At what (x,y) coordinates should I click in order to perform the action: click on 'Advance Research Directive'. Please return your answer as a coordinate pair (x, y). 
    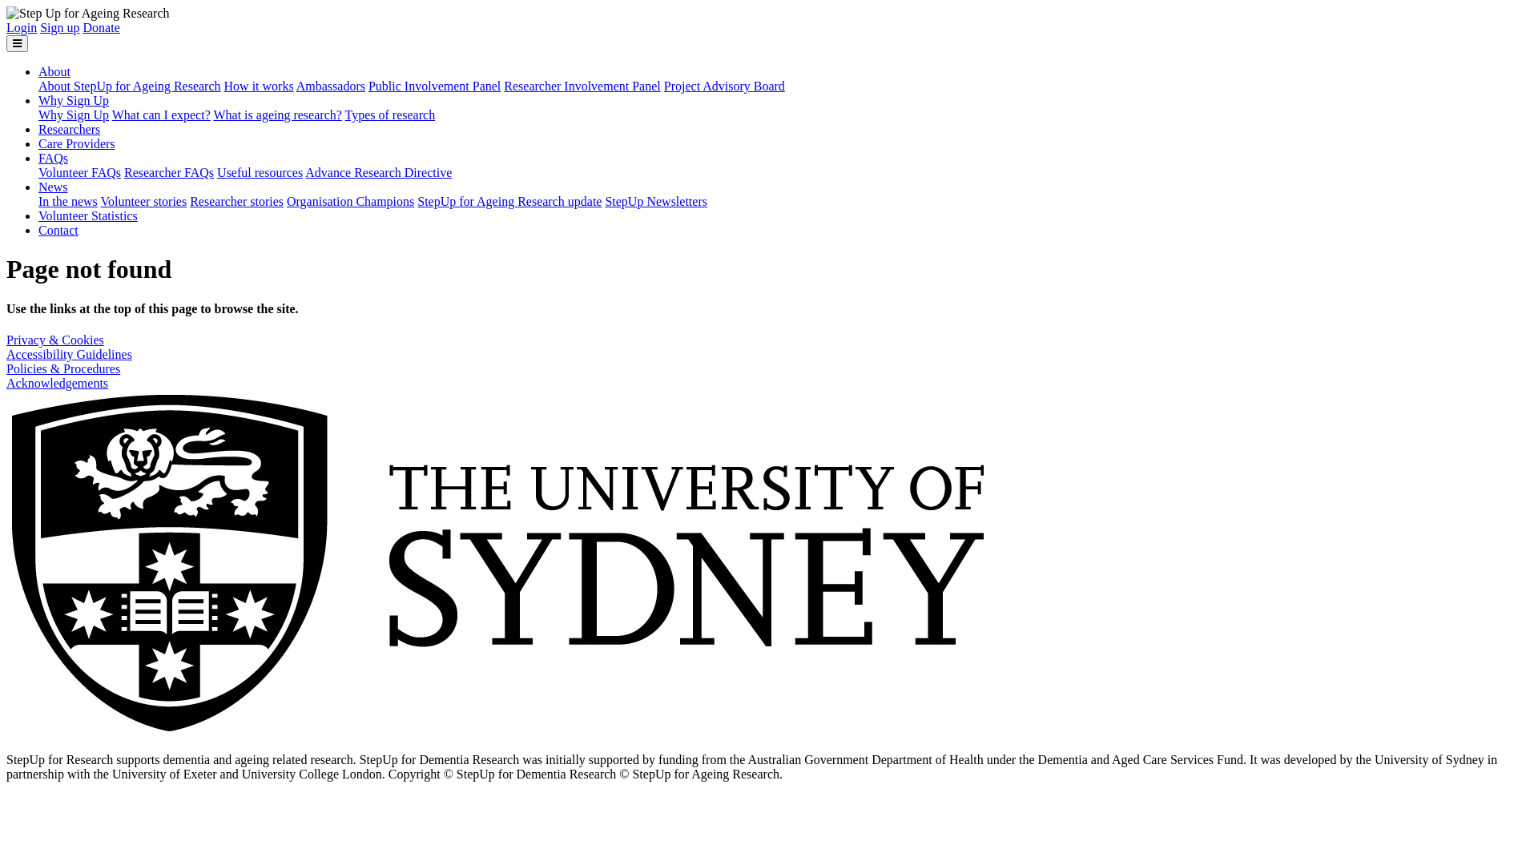
    Looking at the image, I should click on (304, 172).